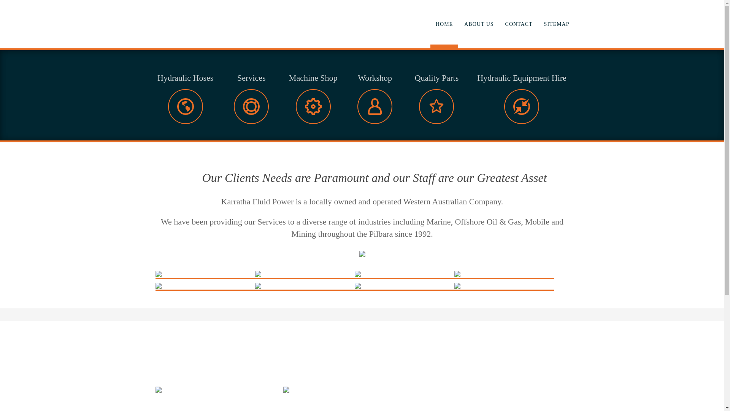  I want to click on 'icon', so click(521, 107).